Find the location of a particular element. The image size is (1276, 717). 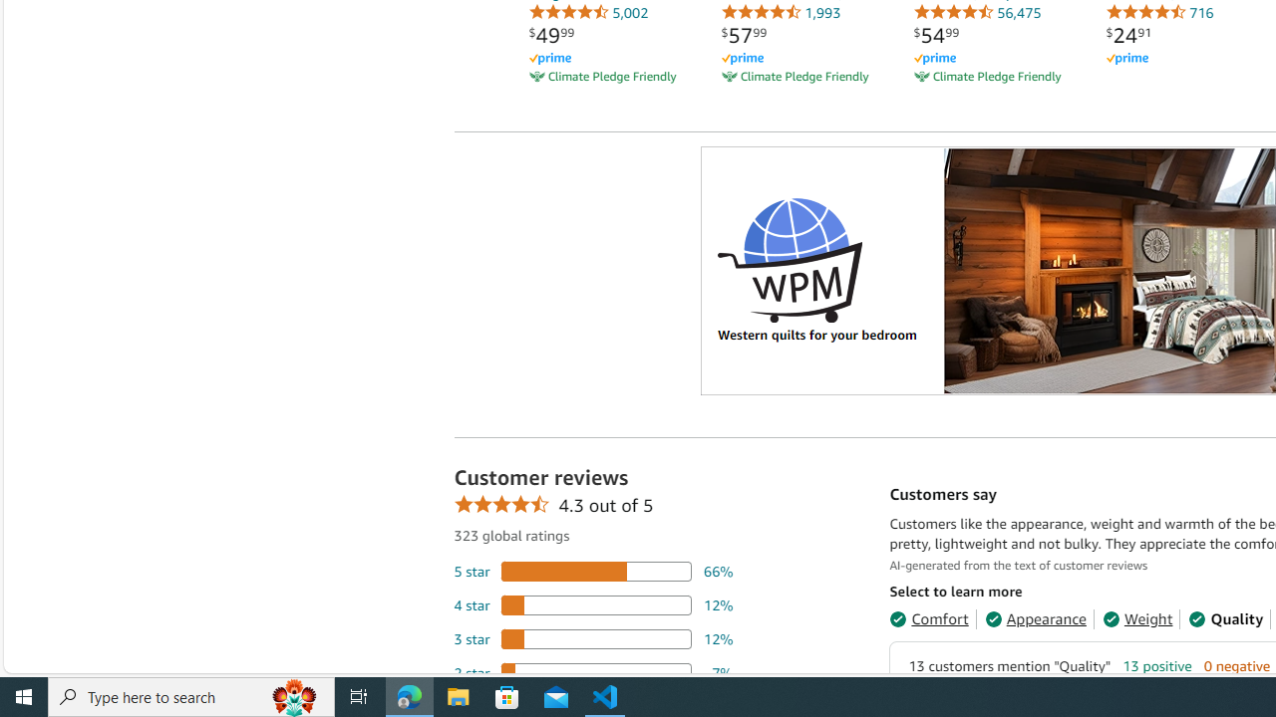

'$54.99' is located at coordinates (935, 35).